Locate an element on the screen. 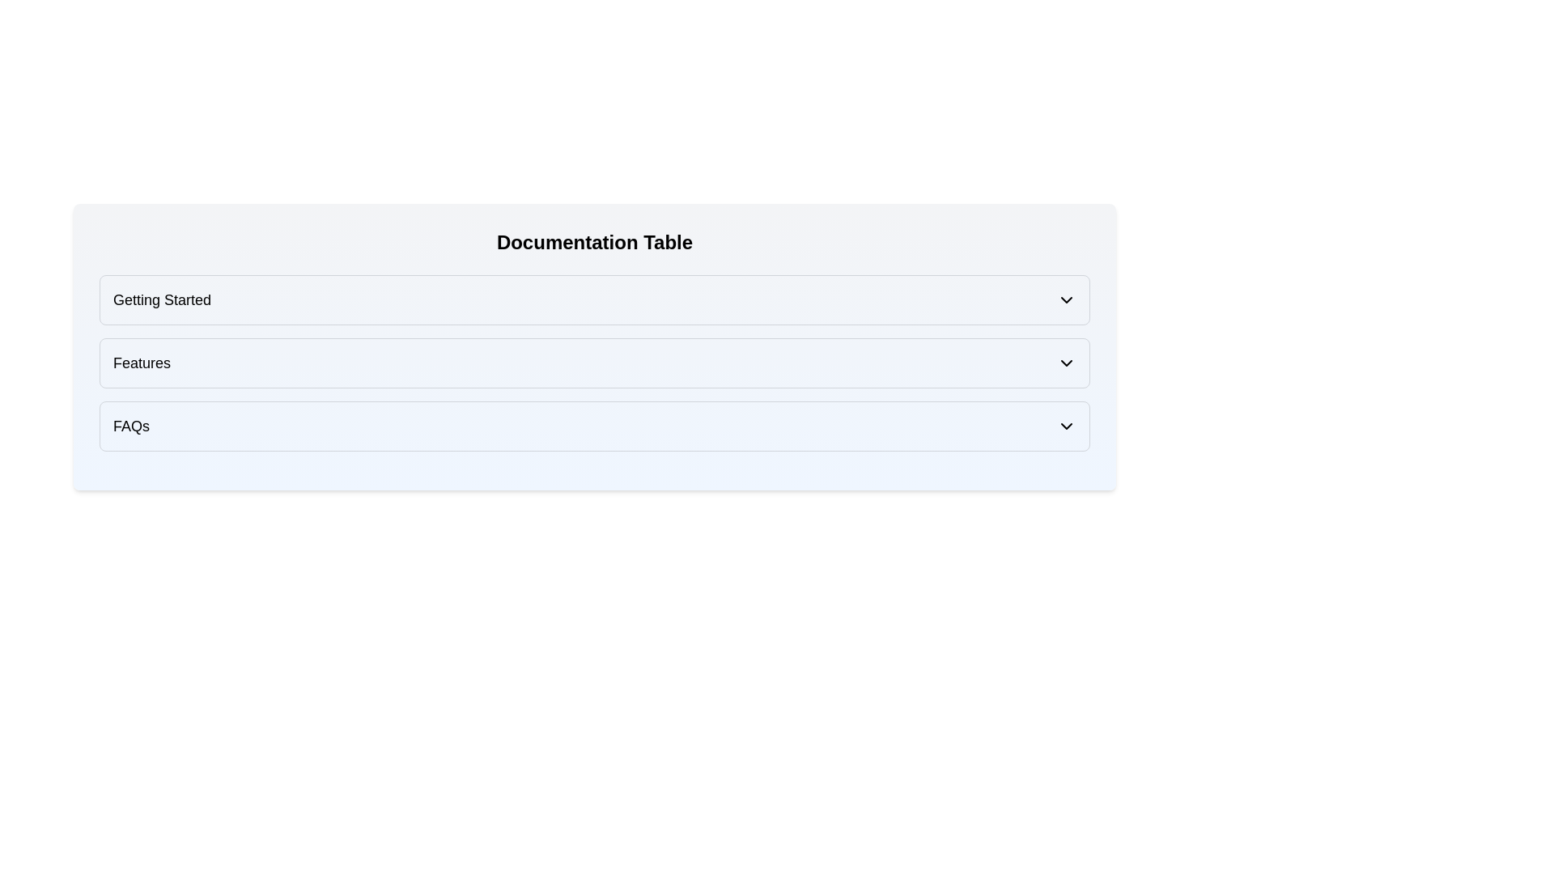 The width and height of the screenshot is (1554, 874). the downward-facing chevron icon located to the right of the 'FAQs' label in the dropdown interface to trigger tooltip or highlight effects is located at coordinates (1067, 426).